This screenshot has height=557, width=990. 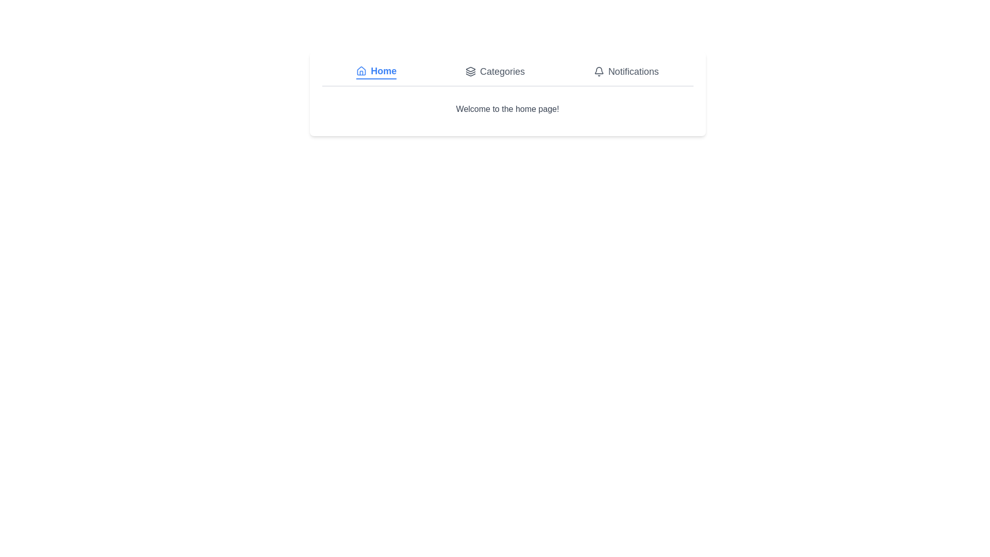 I want to click on the tab labeled Notifications to observe its visual style change, so click(x=625, y=71).